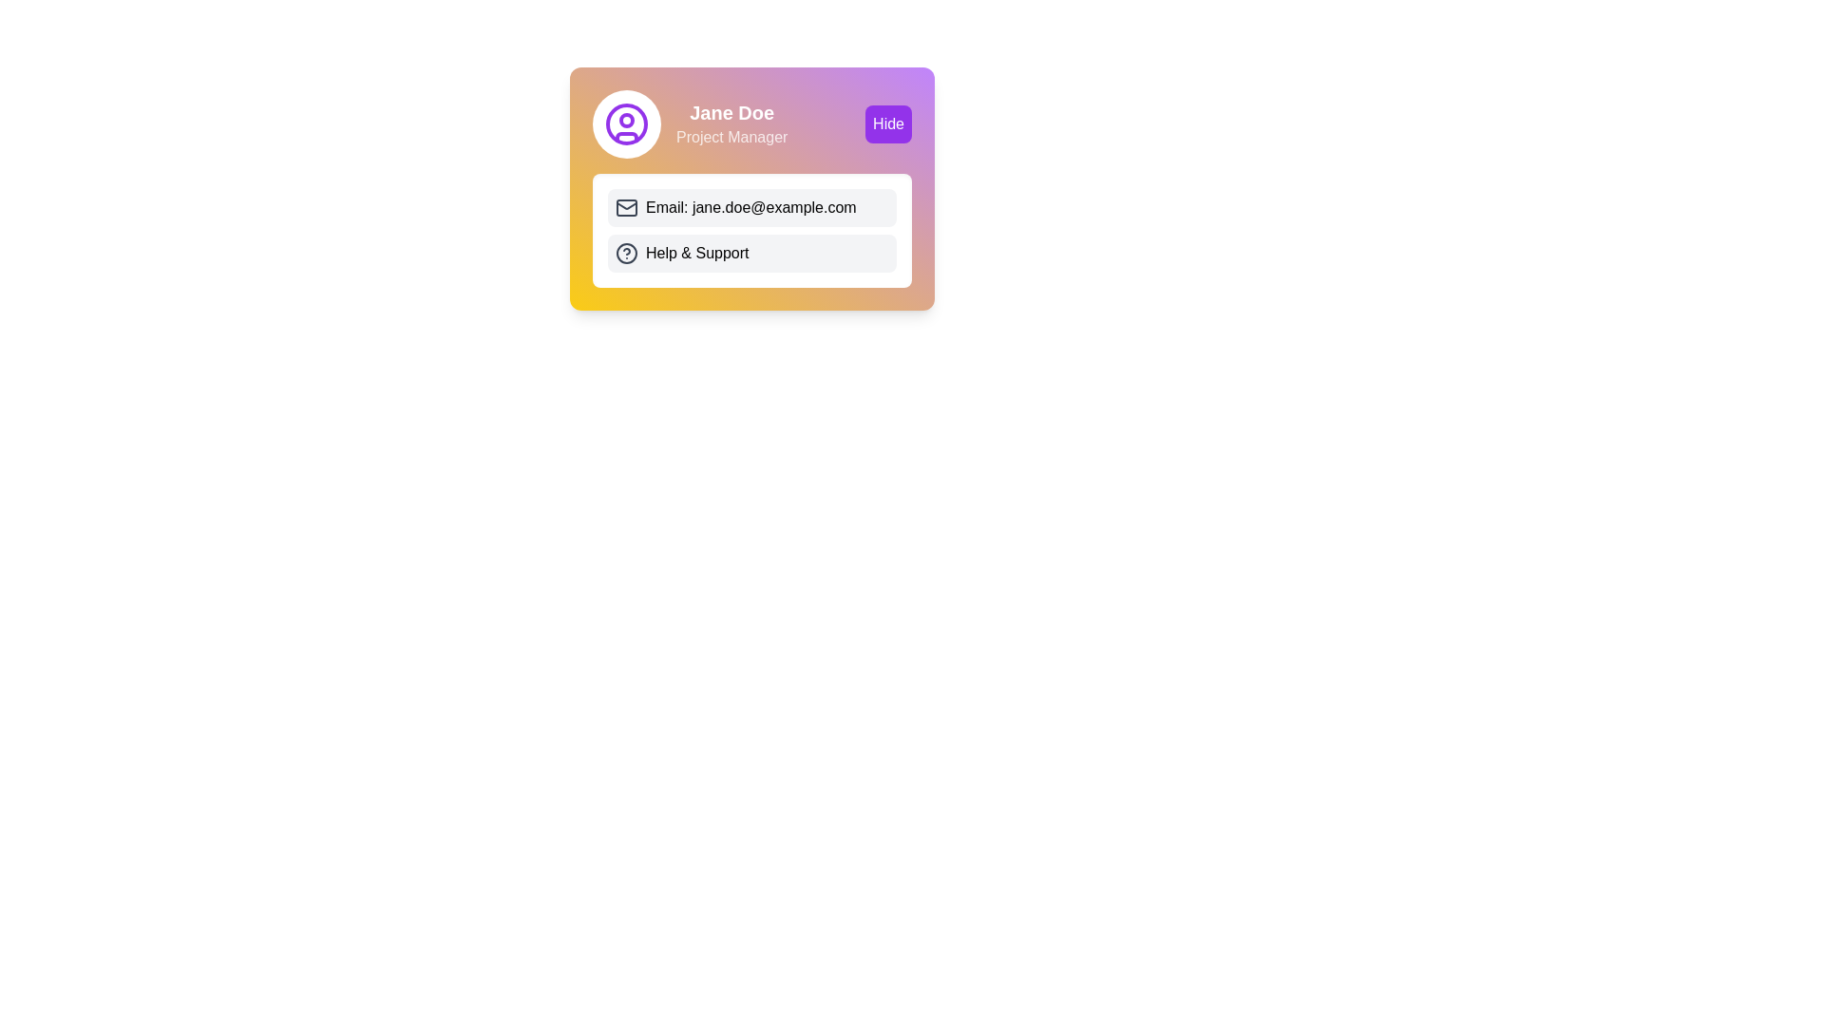  What do you see at coordinates (627, 121) in the screenshot?
I see `the small purple circle located within the upper part of the user profile icon on the left side of the card layout` at bounding box center [627, 121].